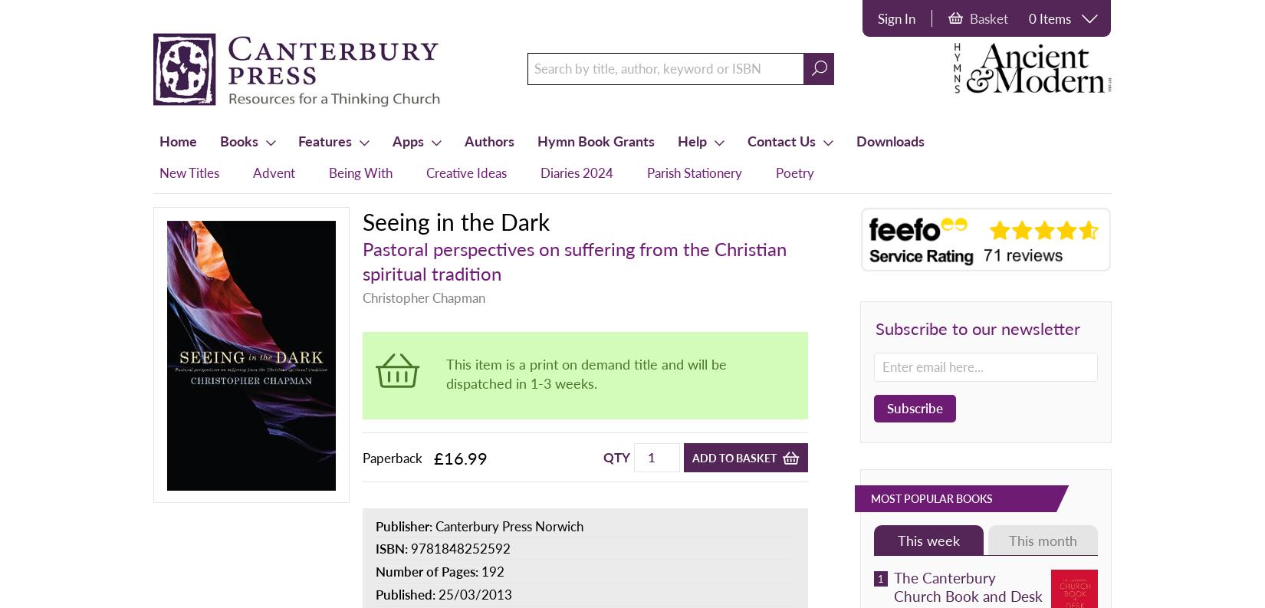 The width and height of the screenshot is (1265, 608). Describe the element at coordinates (585, 373) in the screenshot. I see `'This item is a print on demand title and will be dispatched in 1-3 weeks.'` at that location.